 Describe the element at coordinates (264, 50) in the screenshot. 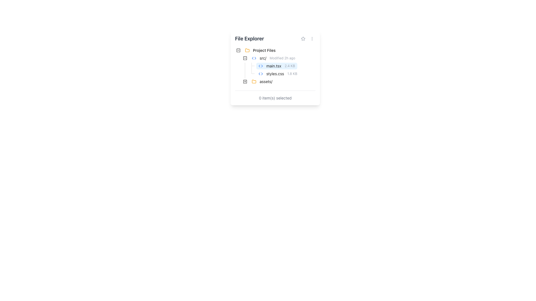

I see `the 'Project Files' text label element` at that location.